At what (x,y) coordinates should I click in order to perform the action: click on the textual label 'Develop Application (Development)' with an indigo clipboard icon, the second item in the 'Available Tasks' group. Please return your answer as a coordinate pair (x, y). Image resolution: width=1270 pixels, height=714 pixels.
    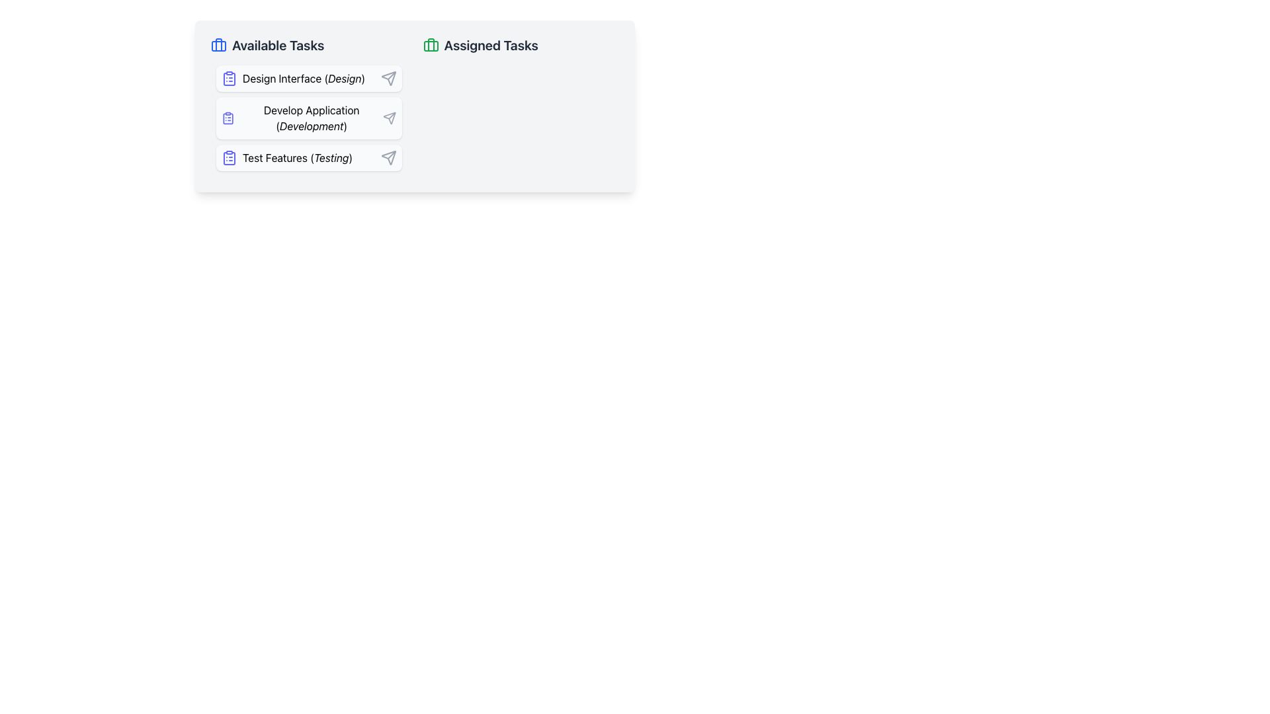
    Looking at the image, I should click on (302, 117).